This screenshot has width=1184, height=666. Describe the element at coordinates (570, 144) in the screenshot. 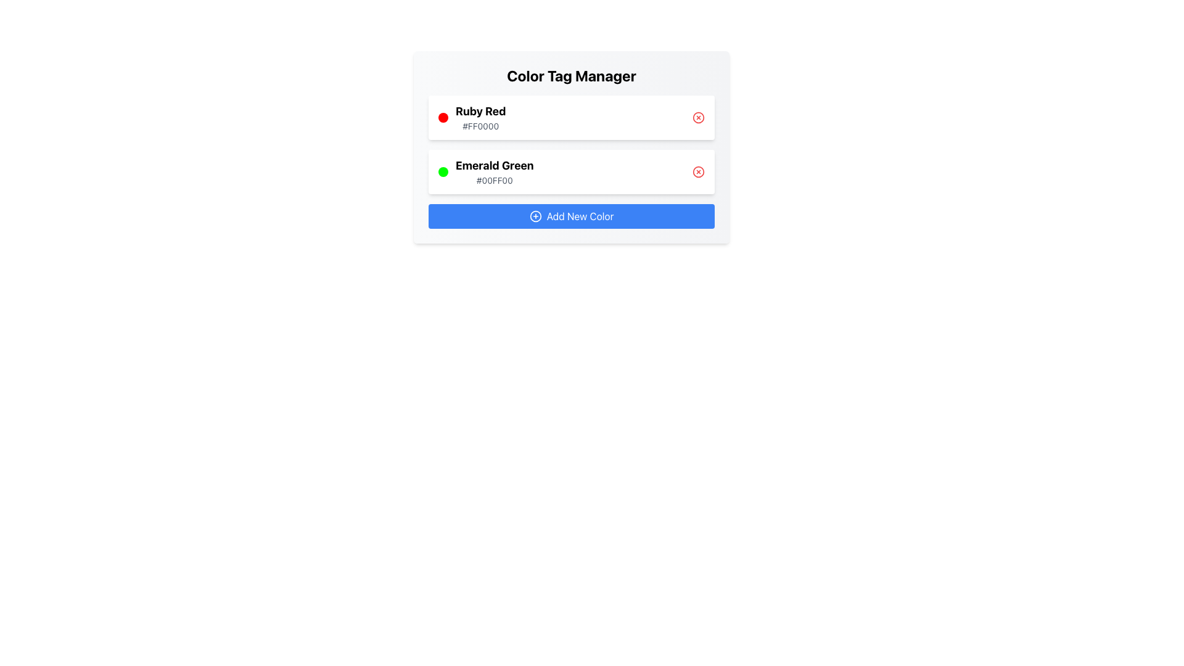

I see `an individual item in the List of color tags located under the 'Color Tag Manager' title and above the 'Add New Color' button` at that location.